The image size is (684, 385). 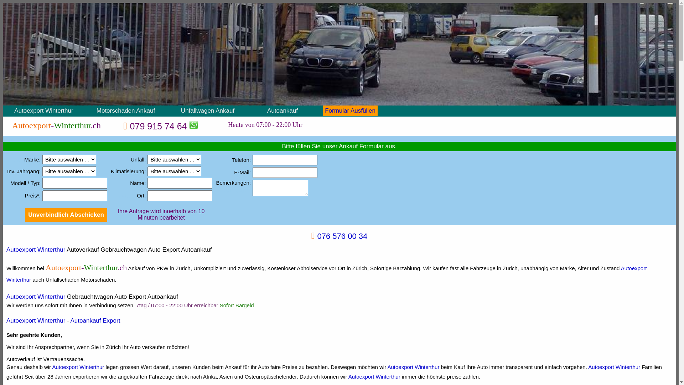 What do you see at coordinates (96, 111) in the screenshot?
I see `'Motorschaden Ankauf'` at bounding box center [96, 111].